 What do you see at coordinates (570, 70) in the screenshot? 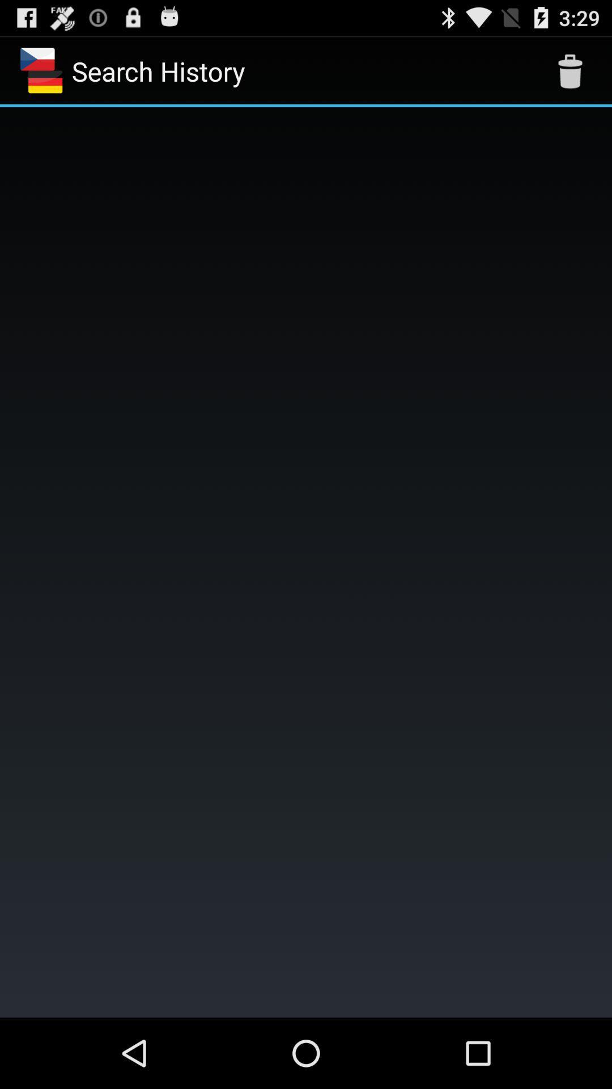
I see `icon to the right of search history icon` at bounding box center [570, 70].